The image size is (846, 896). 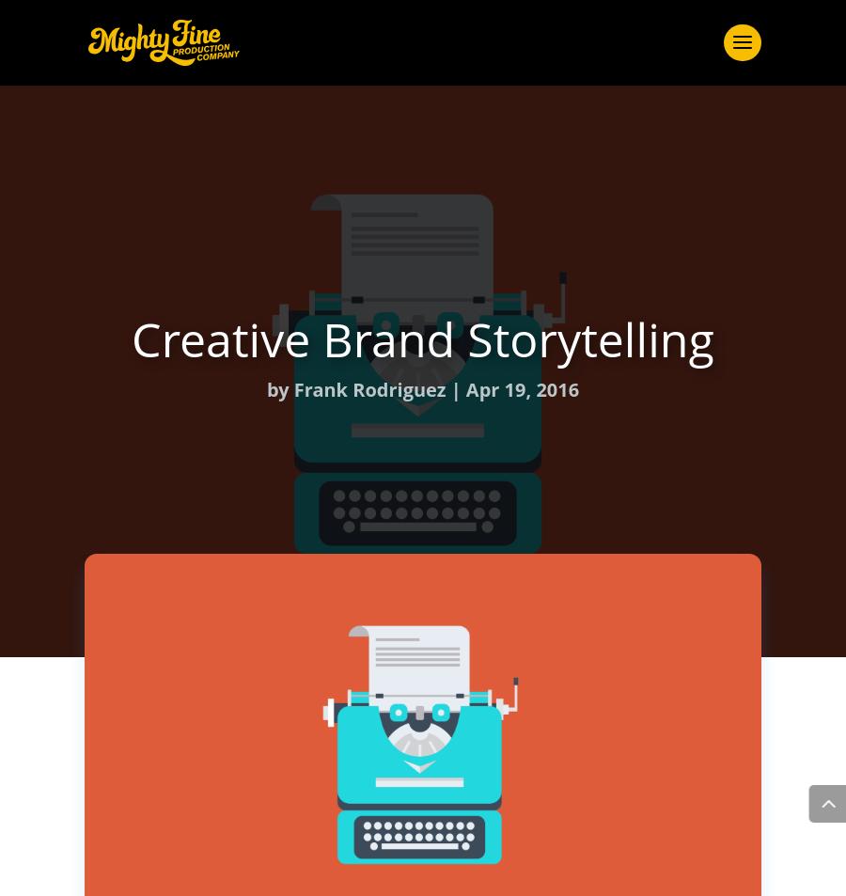 I want to click on 'Services', so click(x=422, y=300).